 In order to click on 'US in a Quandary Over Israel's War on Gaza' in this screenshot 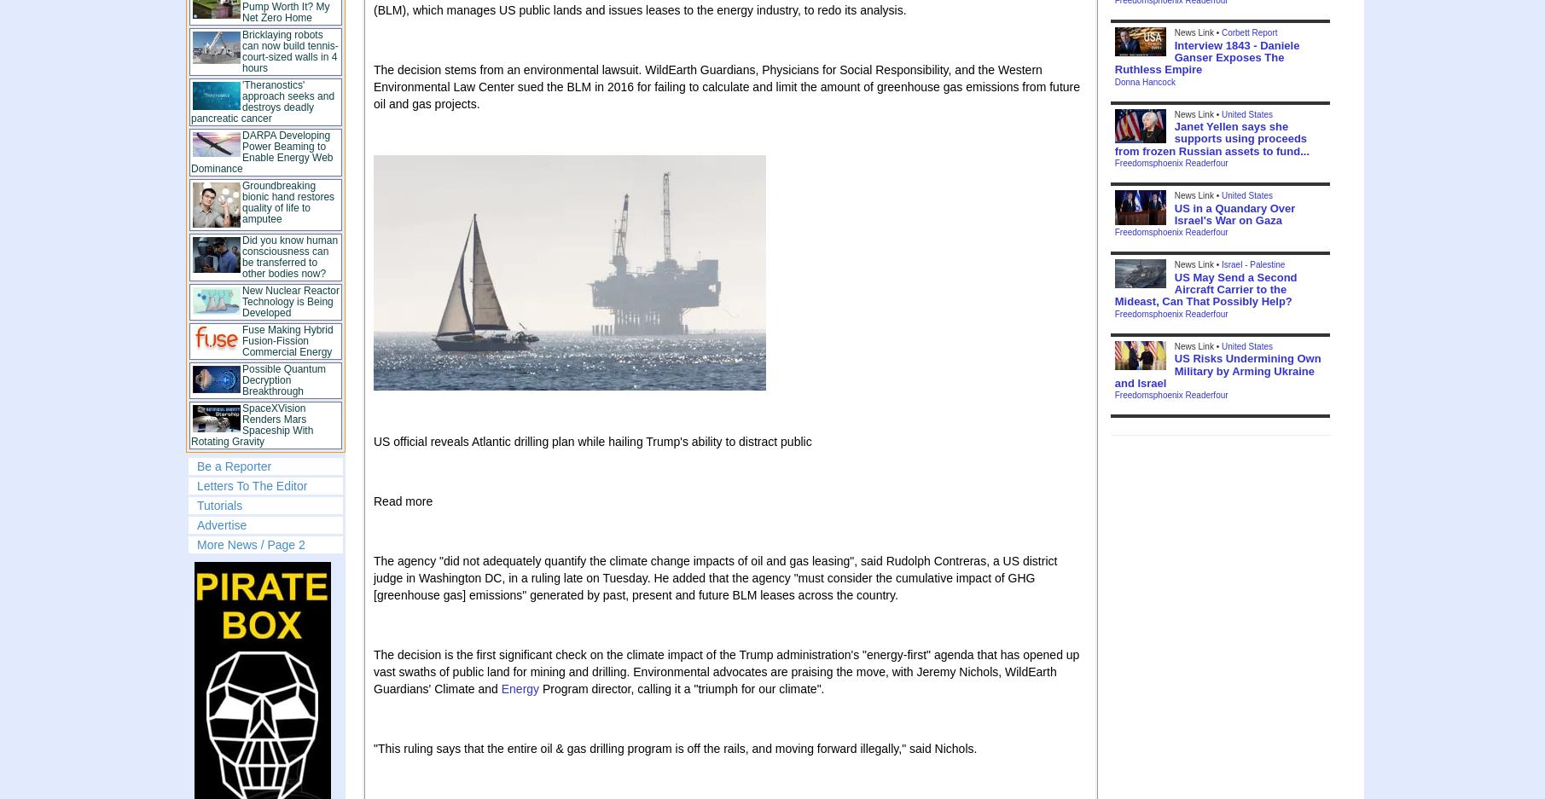, I will do `click(1172, 212)`.